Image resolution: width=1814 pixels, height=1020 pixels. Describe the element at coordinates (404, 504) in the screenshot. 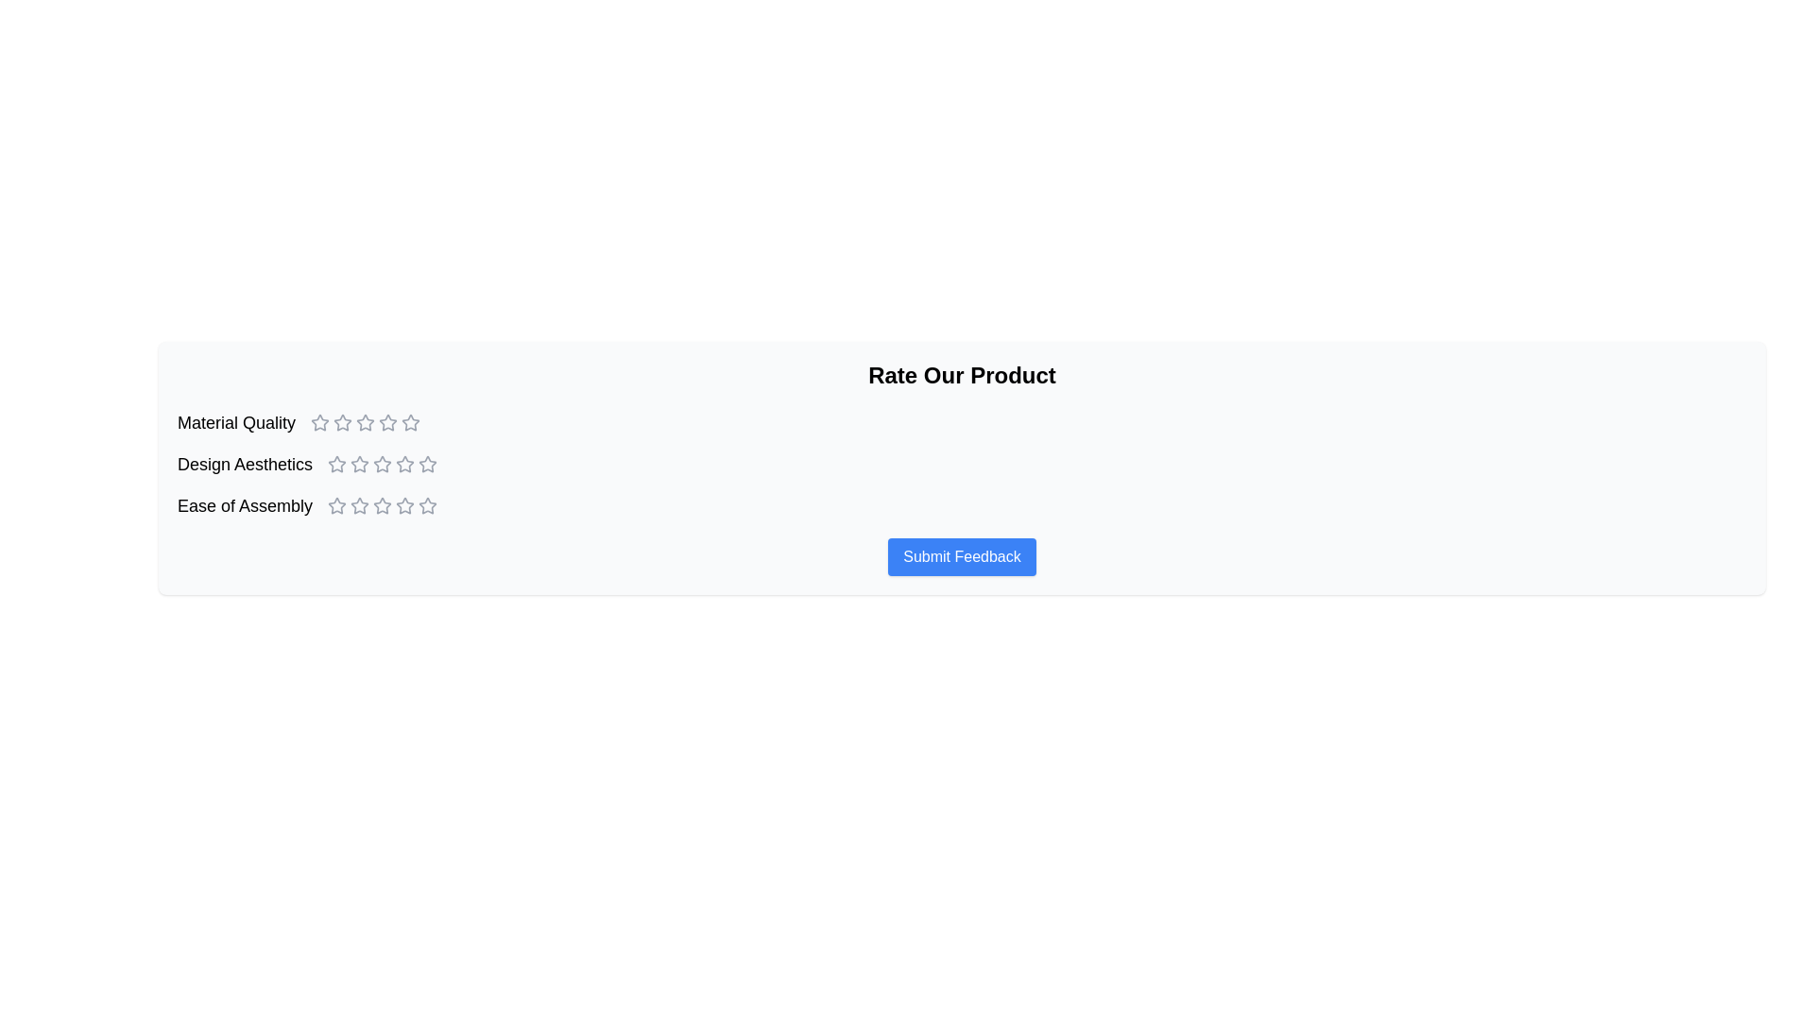

I see `the fifth star rating icon` at that location.